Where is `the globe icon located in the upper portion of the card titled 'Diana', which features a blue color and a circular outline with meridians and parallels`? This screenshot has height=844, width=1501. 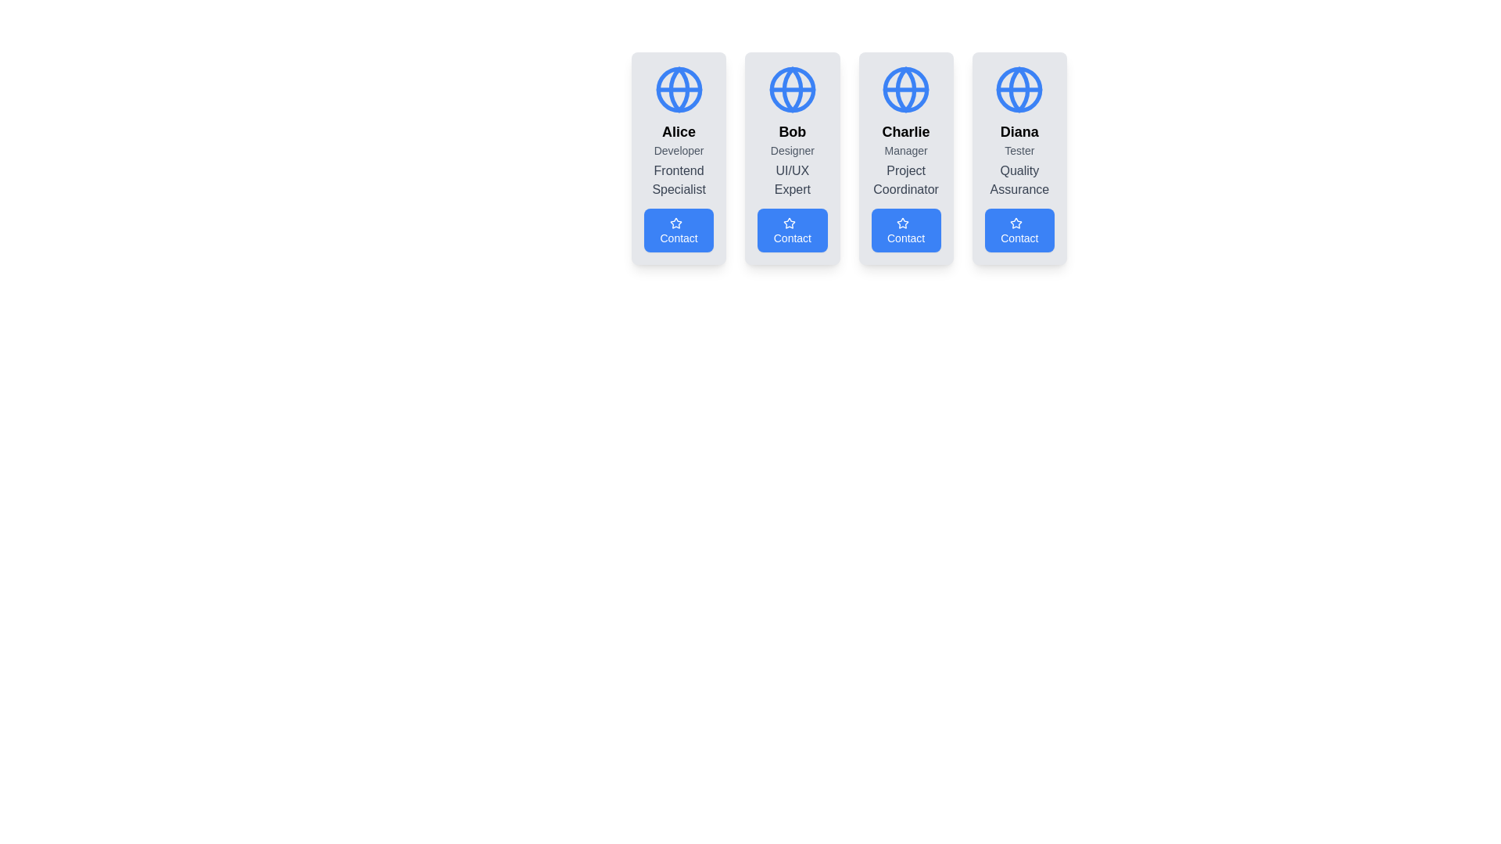
the globe icon located in the upper portion of the card titled 'Diana', which features a blue color and a circular outline with meridians and parallels is located at coordinates (1019, 90).